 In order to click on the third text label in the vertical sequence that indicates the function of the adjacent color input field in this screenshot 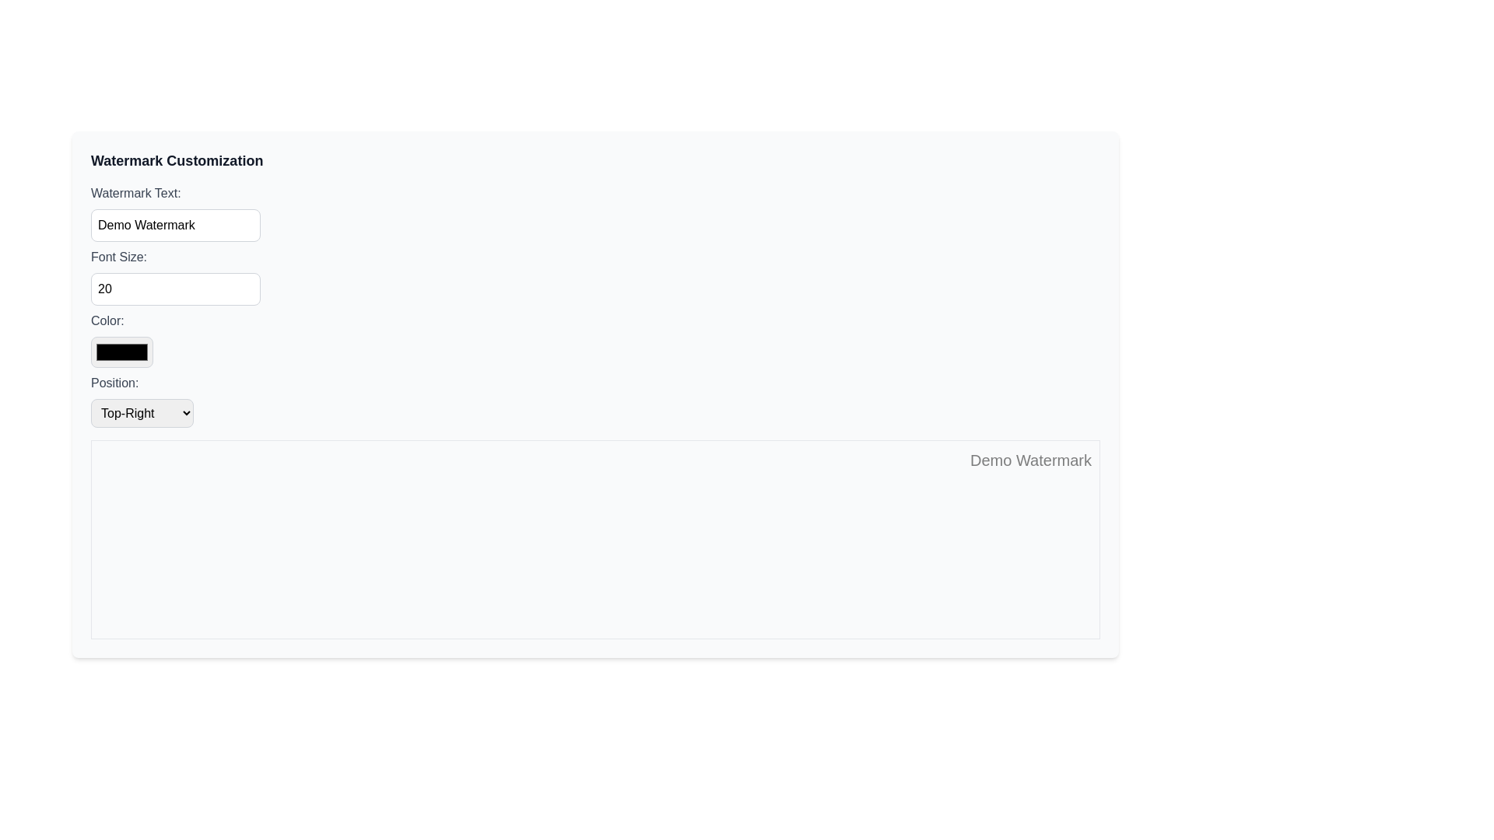, I will do `click(107, 320)`.